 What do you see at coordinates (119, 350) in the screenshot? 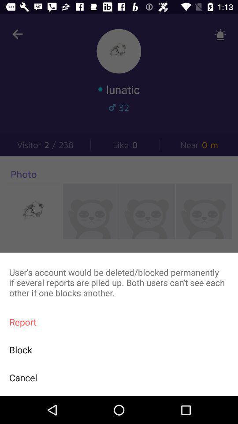
I see `item above the cancel` at bounding box center [119, 350].